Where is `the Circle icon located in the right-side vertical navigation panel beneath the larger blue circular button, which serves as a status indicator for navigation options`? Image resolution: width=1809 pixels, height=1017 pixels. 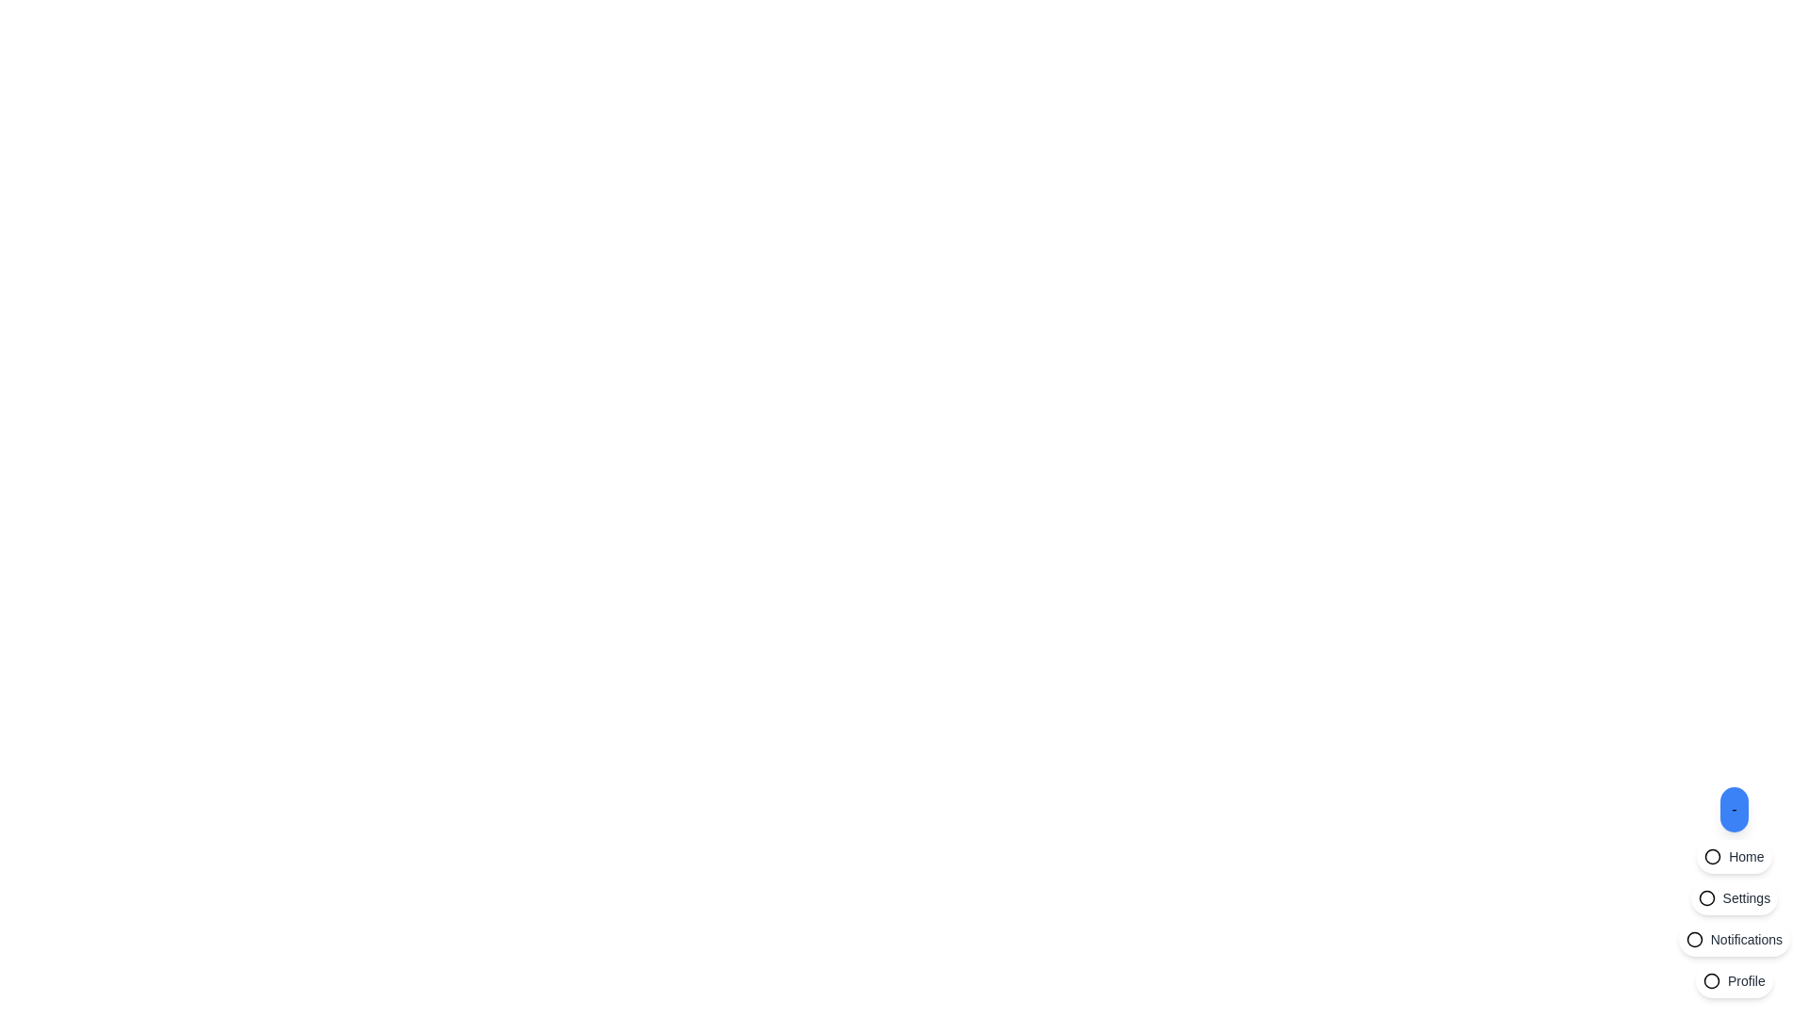 the Circle icon located in the right-side vertical navigation panel beneath the larger blue circular button, which serves as a status indicator for navigation options is located at coordinates (1694, 940).